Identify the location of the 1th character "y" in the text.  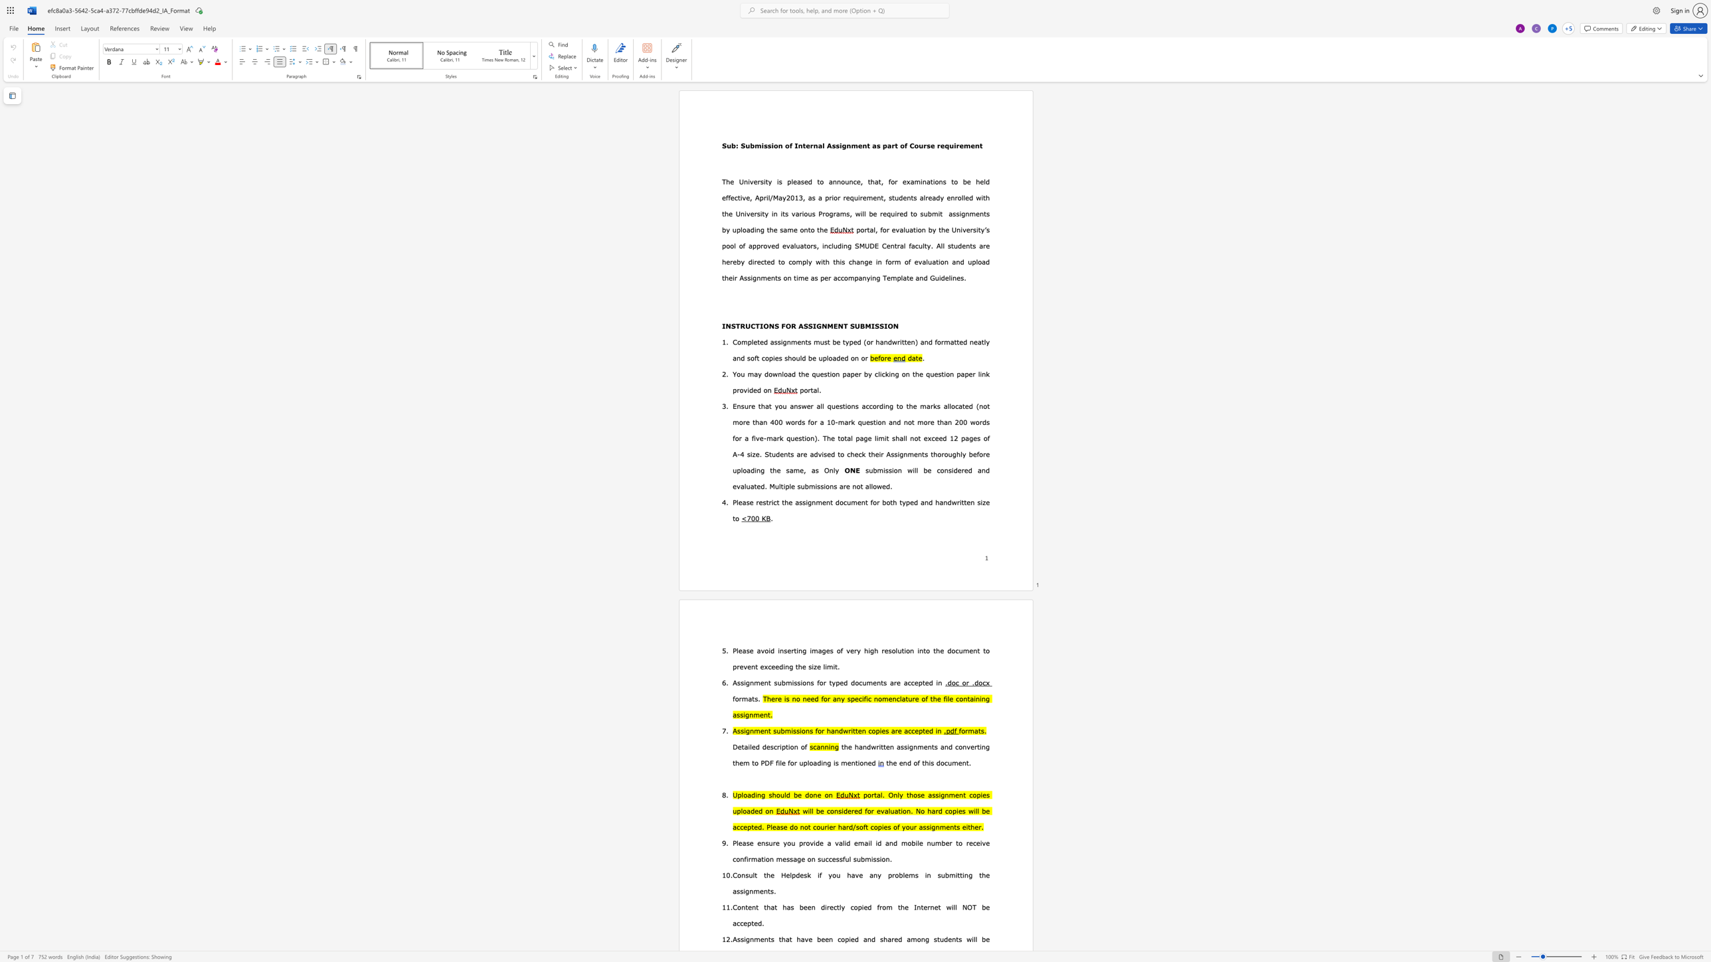
(810, 262).